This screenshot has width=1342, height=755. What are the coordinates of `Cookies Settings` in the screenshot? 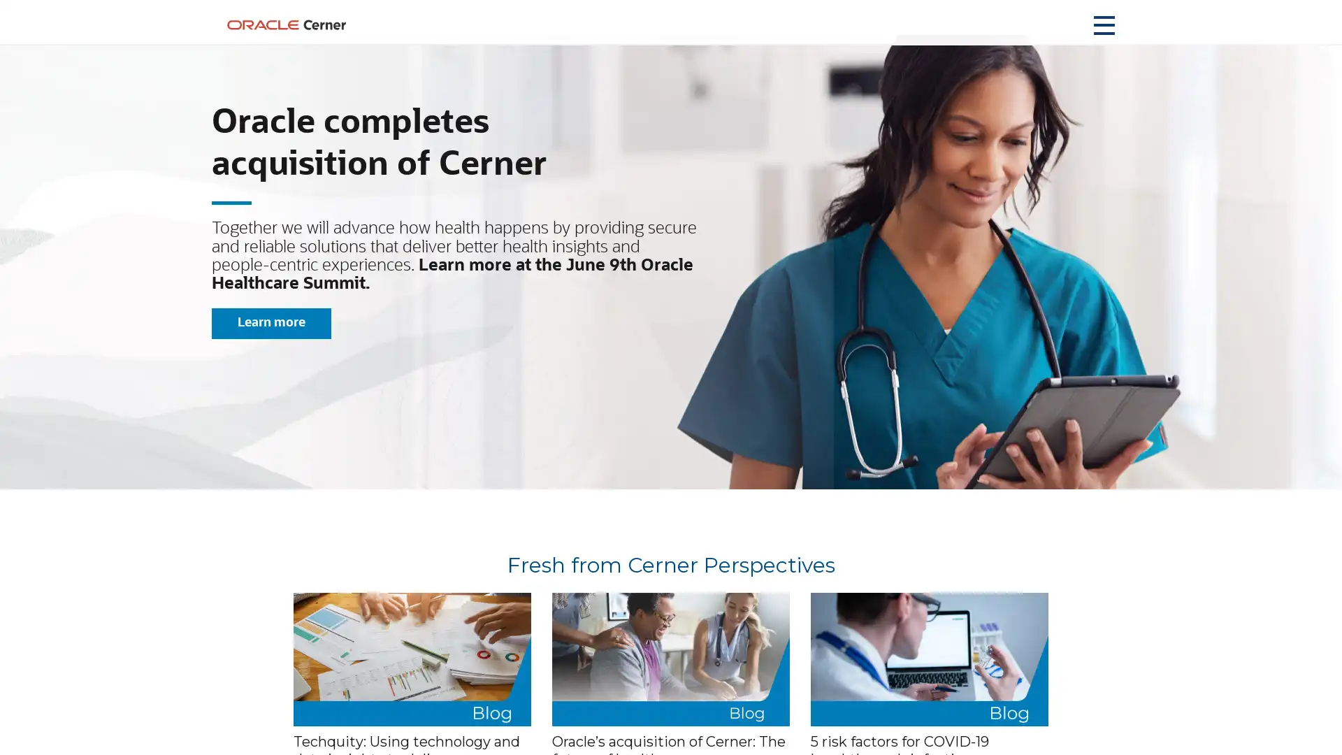 It's located at (967, 724).